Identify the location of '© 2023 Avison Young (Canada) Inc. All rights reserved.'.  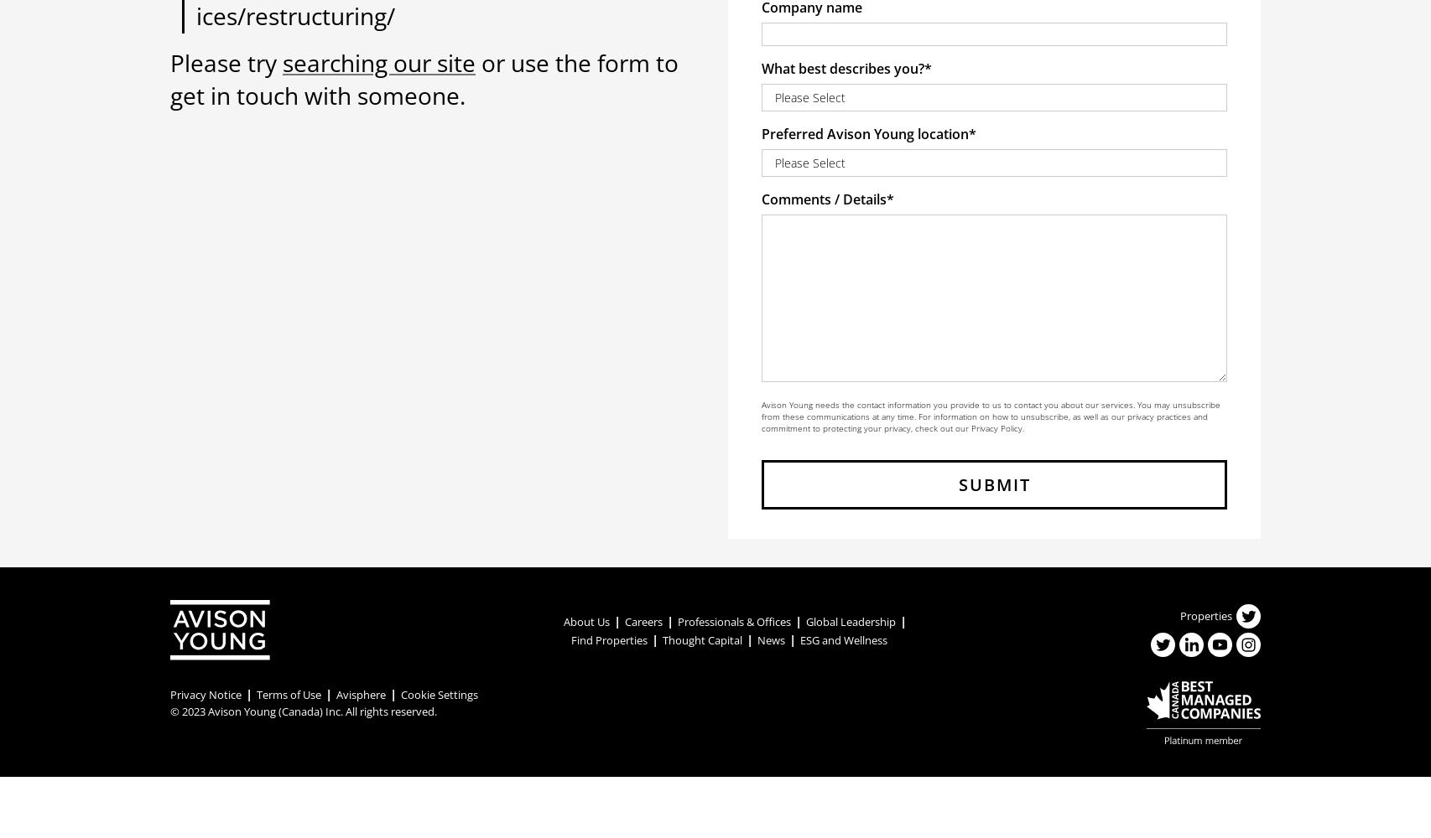
(304, 710).